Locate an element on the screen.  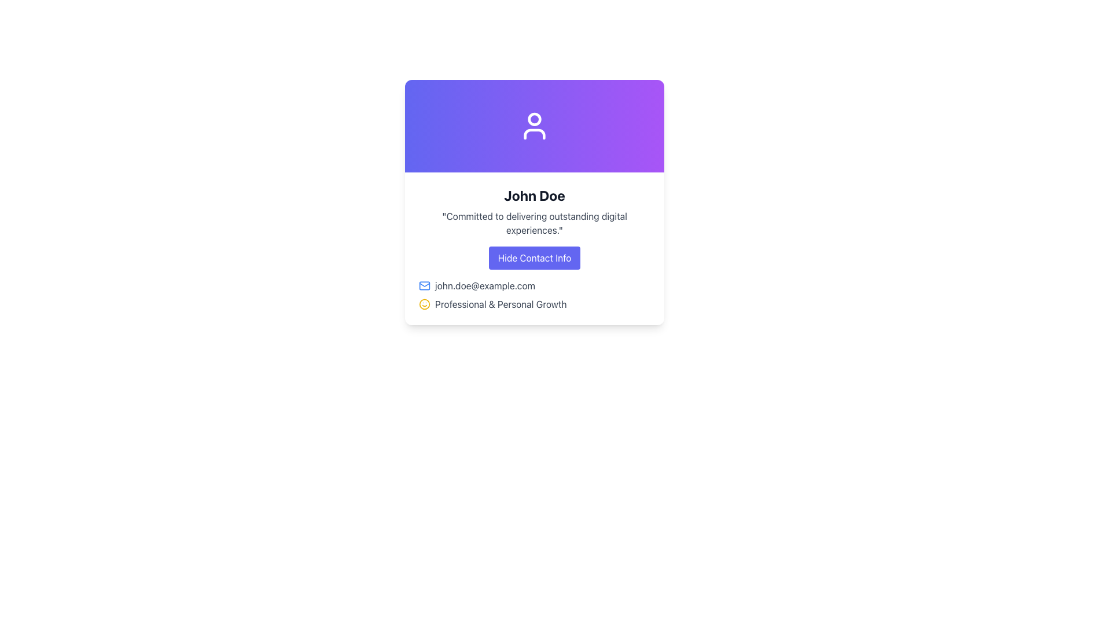
the SVG Circle that represents the head in the user profile icon, located at the top section of the card layout is located at coordinates (534, 119).